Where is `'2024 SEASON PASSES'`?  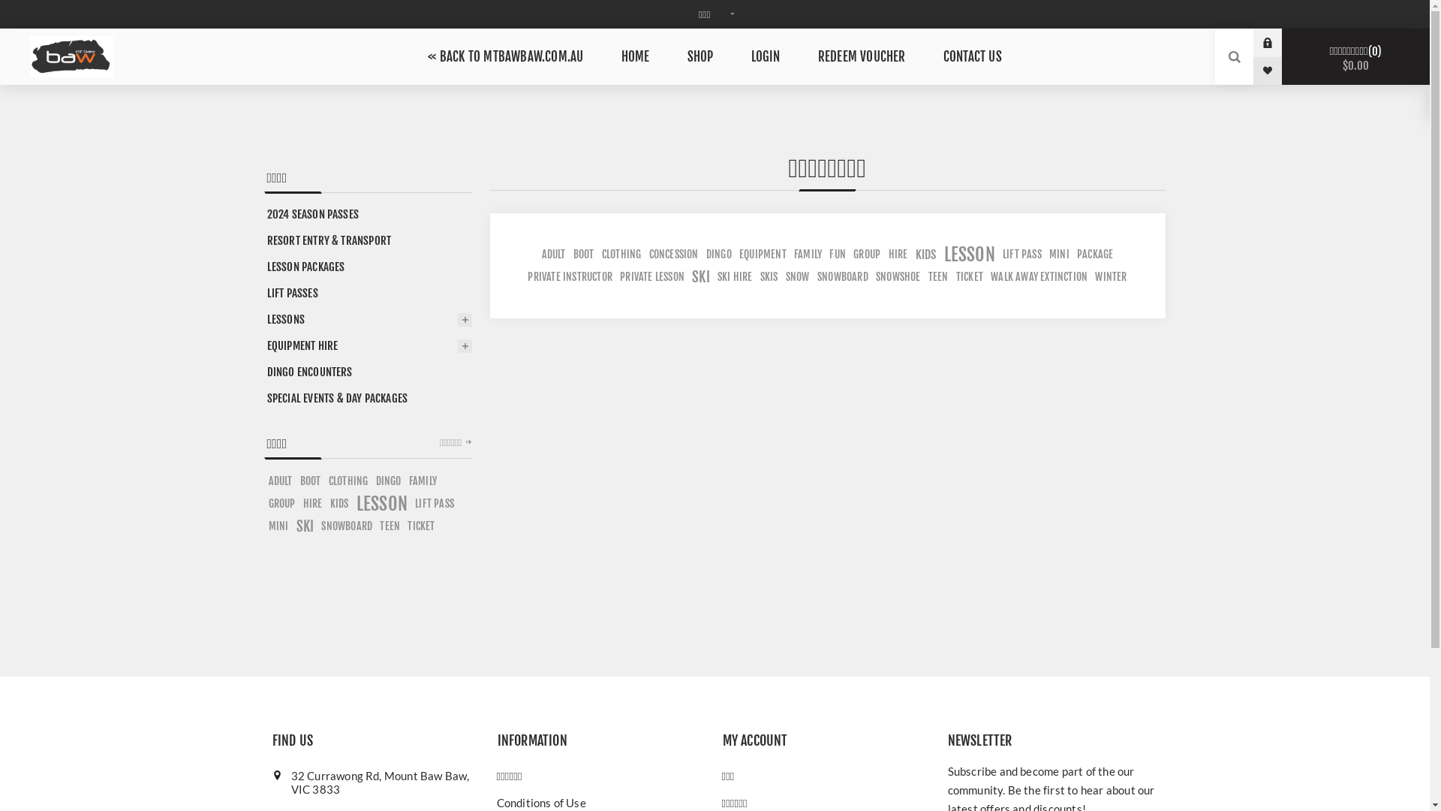
'2024 SEASON PASSES' is located at coordinates (367, 214).